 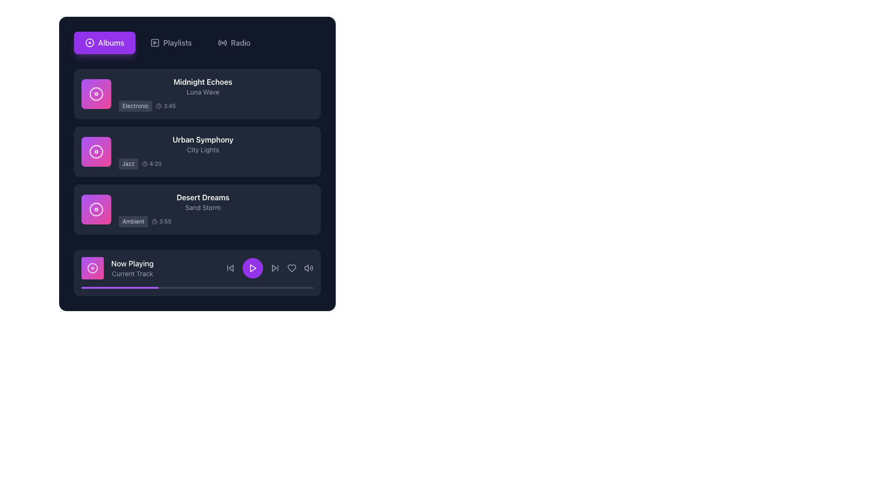 I want to click on the second selectable list item representing an album, located between 'Midnight Echoes' and 'Desert Dreams', so click(x=196, y=151).